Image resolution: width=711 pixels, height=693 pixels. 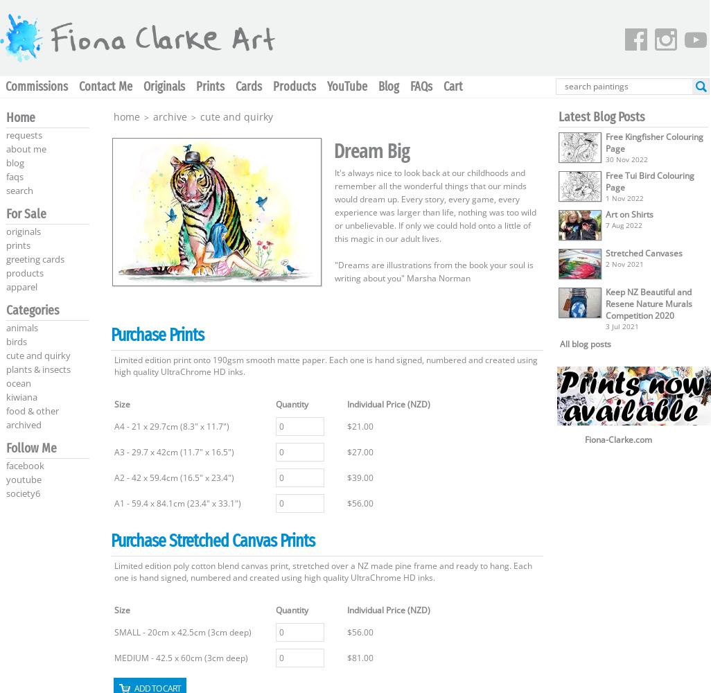 What do you see at coordinates (605, 252) in the screenshot?
I see `'Stretched Canvases'` at bounding box center [605, 252].